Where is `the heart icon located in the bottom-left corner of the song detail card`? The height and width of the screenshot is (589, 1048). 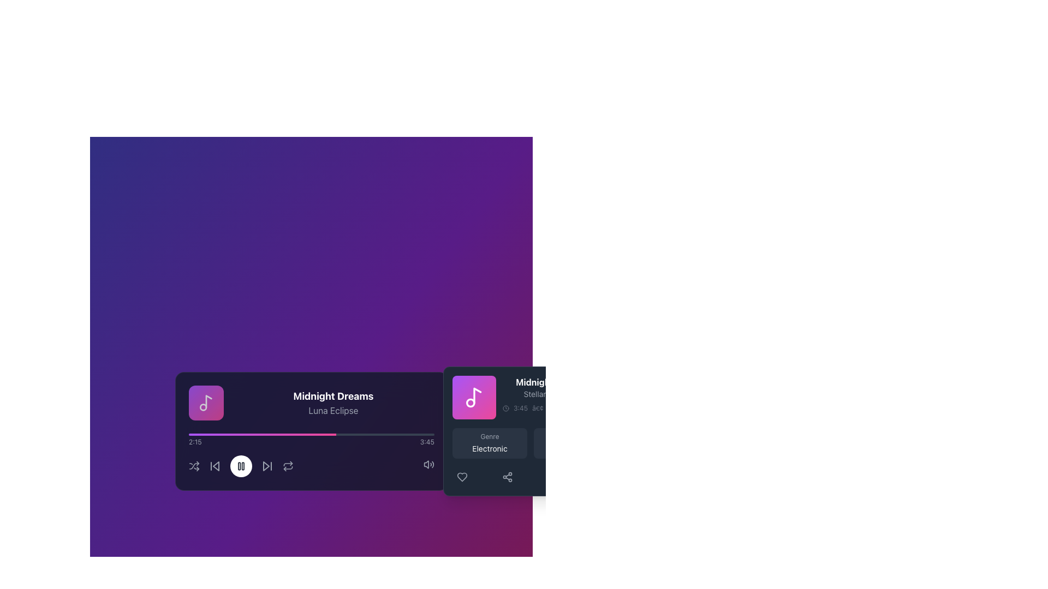
the heart icon located in the bottom-left corner of the song detail card is located at coordinates (462, 477).